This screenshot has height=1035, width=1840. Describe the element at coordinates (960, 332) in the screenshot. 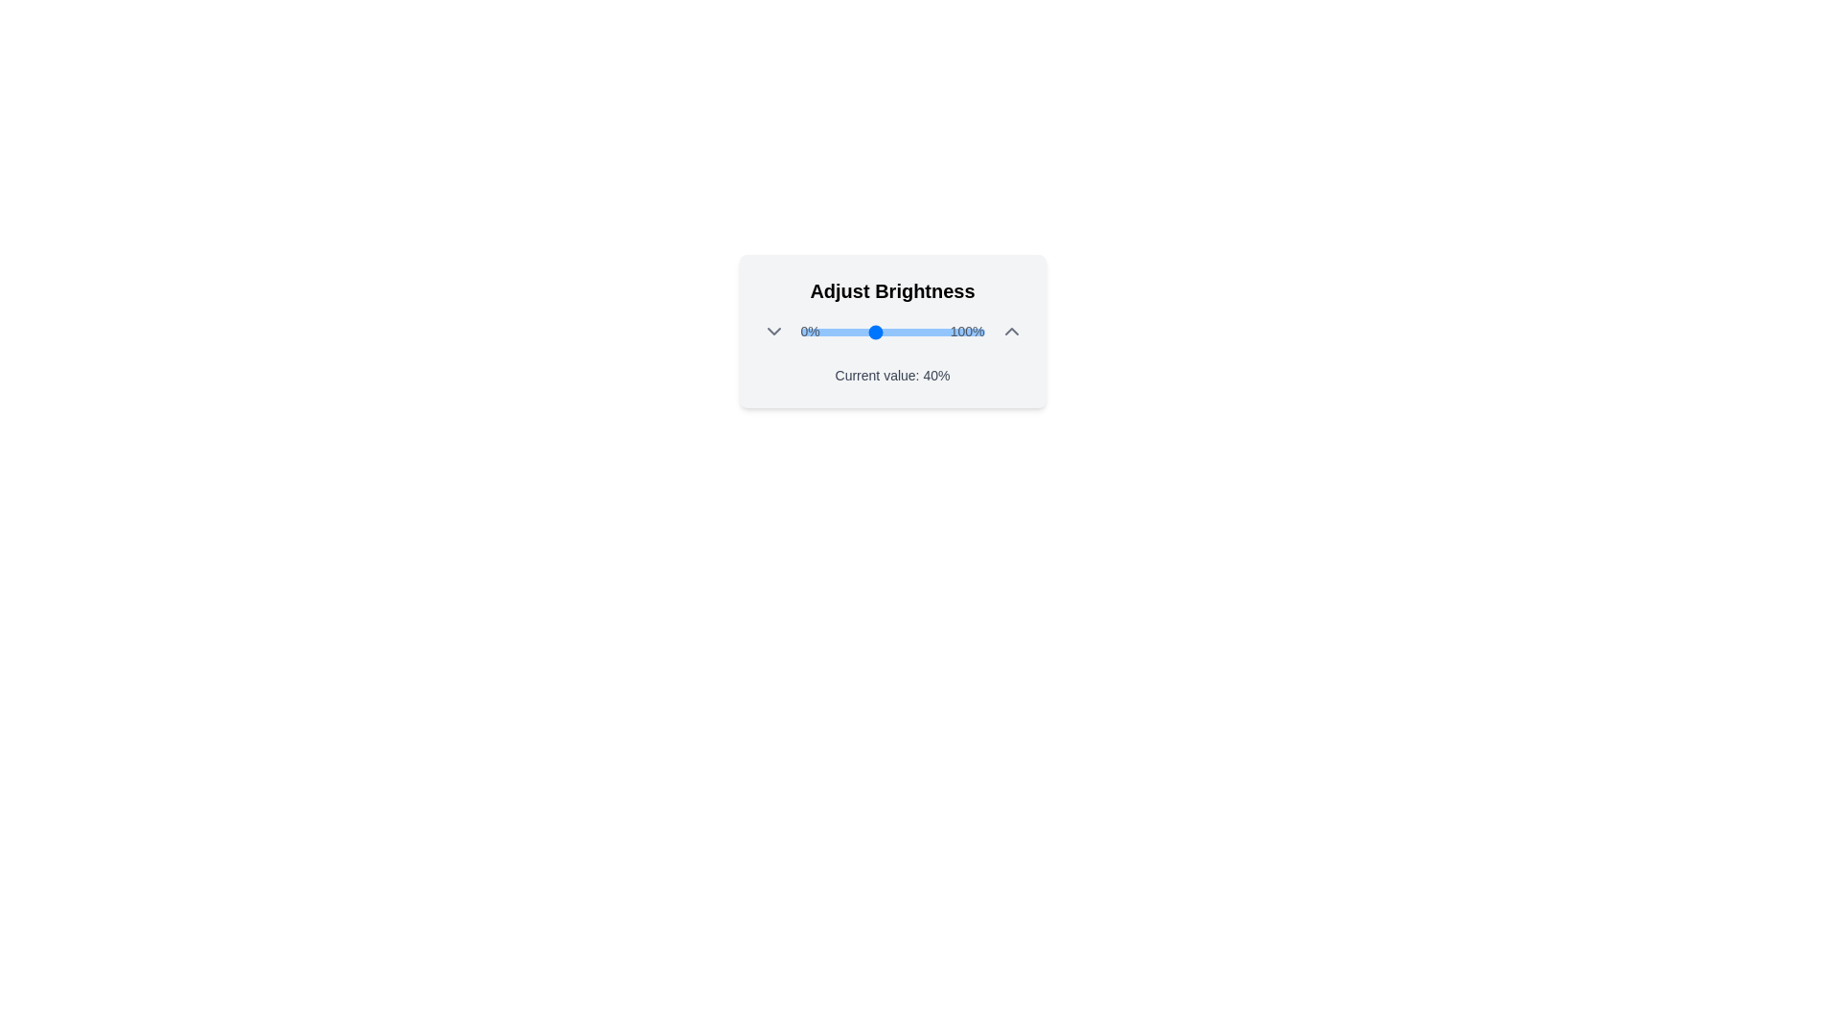

I see `brightness` at that location.